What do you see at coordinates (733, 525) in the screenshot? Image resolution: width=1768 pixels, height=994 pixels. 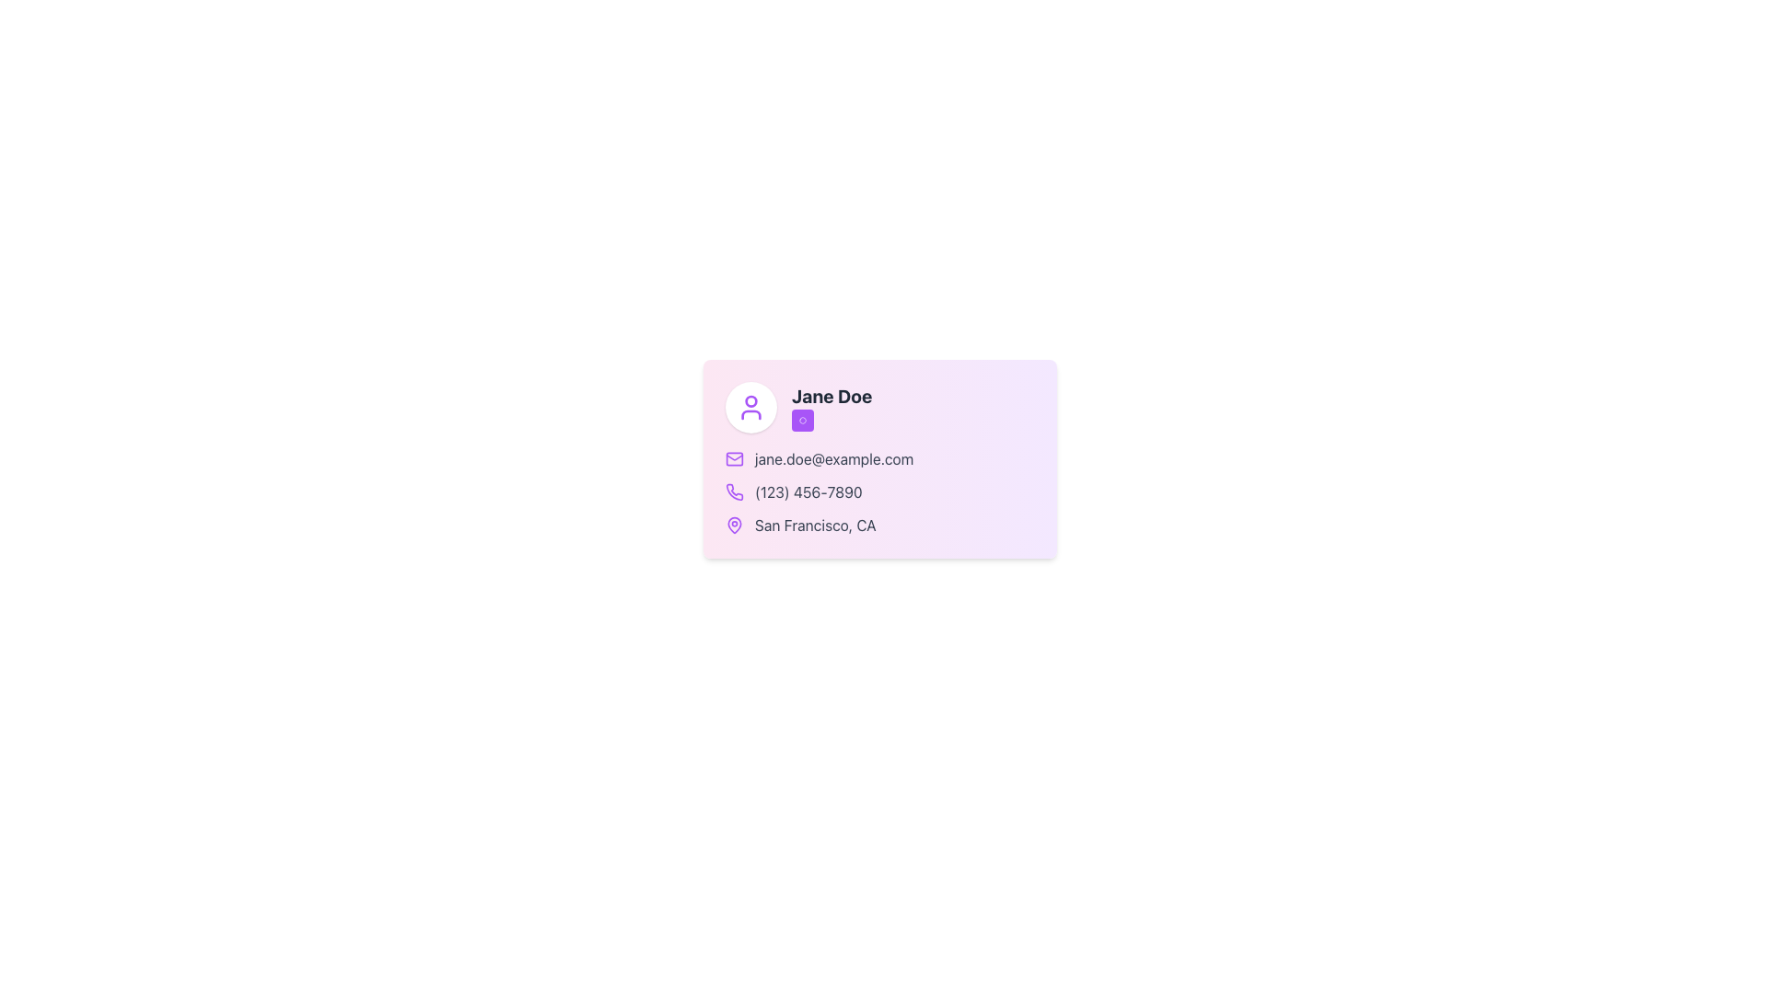 I see `the decorative SVG vector element that serves as an icon indicating a geographical location, positioned to the left of the text 'San Francisco, CA' in the third row of the card layout` at bounding box center [733, 525].